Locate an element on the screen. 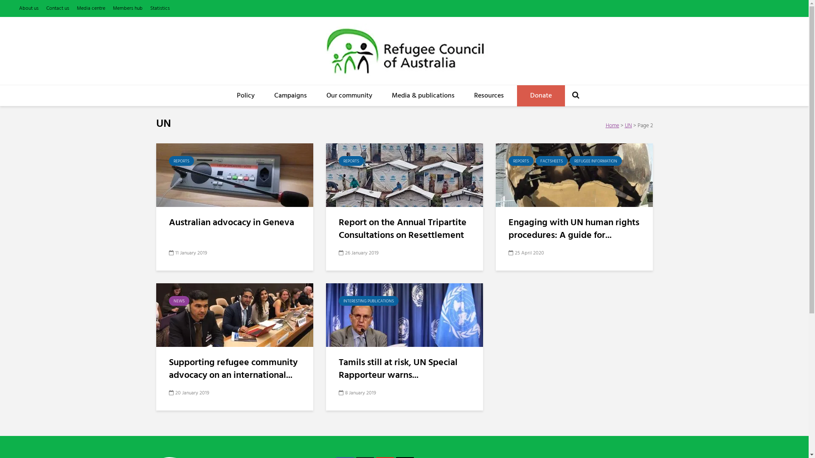 The width and height of the screenshot is (815, 458). 'Media & publications' is located at coordinates (423, 95).